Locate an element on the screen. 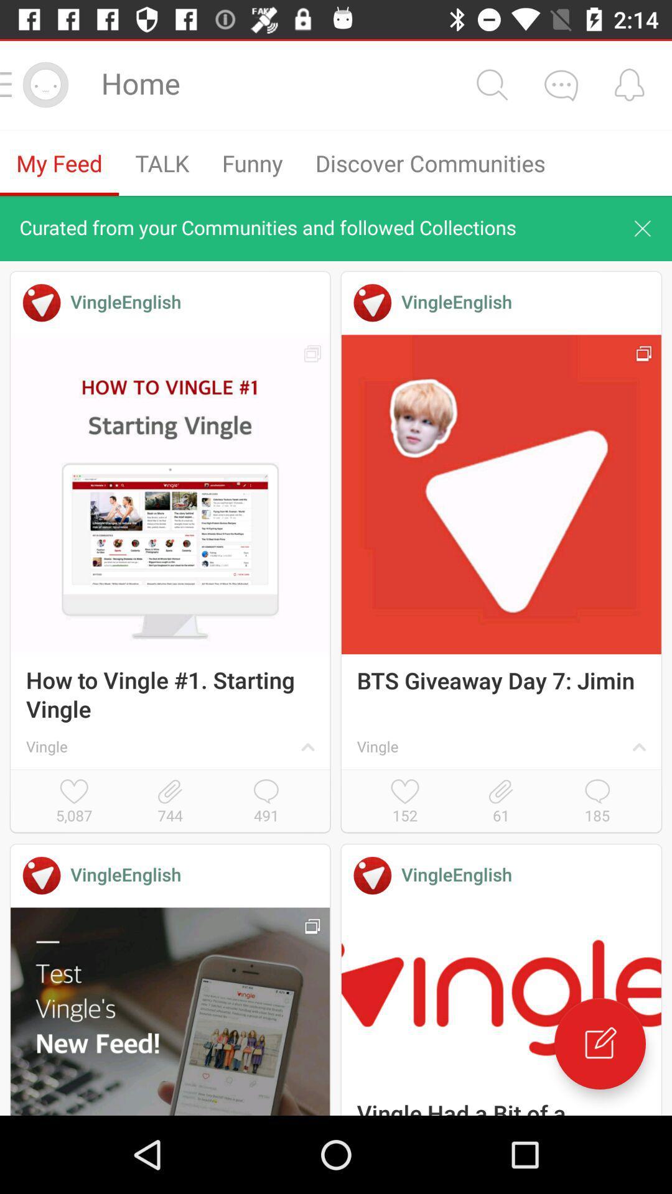  the item to the right of 744 item is located at coordinates (266, 802).